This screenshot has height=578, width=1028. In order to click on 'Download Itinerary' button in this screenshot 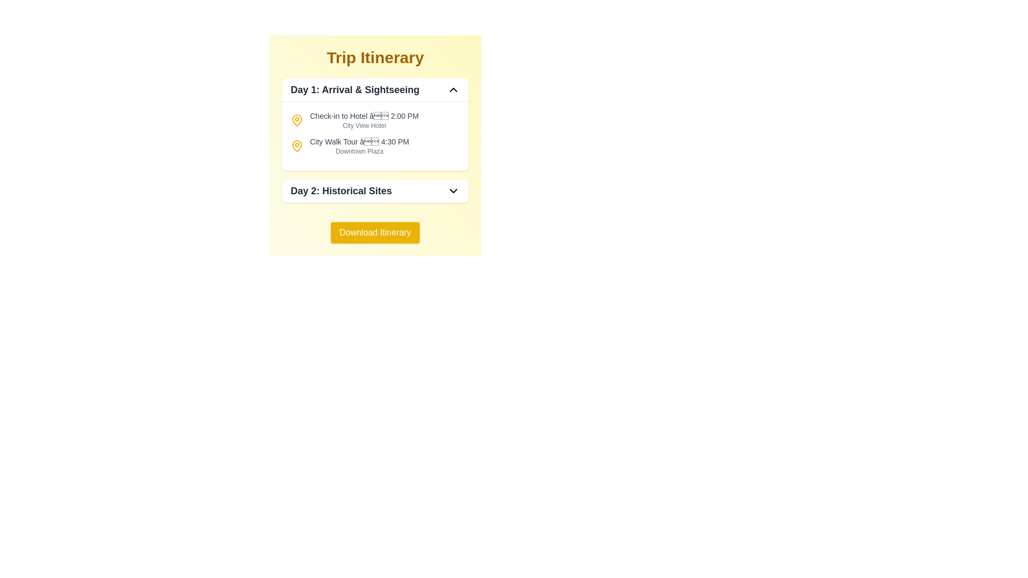, I will do `click(375, 232)`.